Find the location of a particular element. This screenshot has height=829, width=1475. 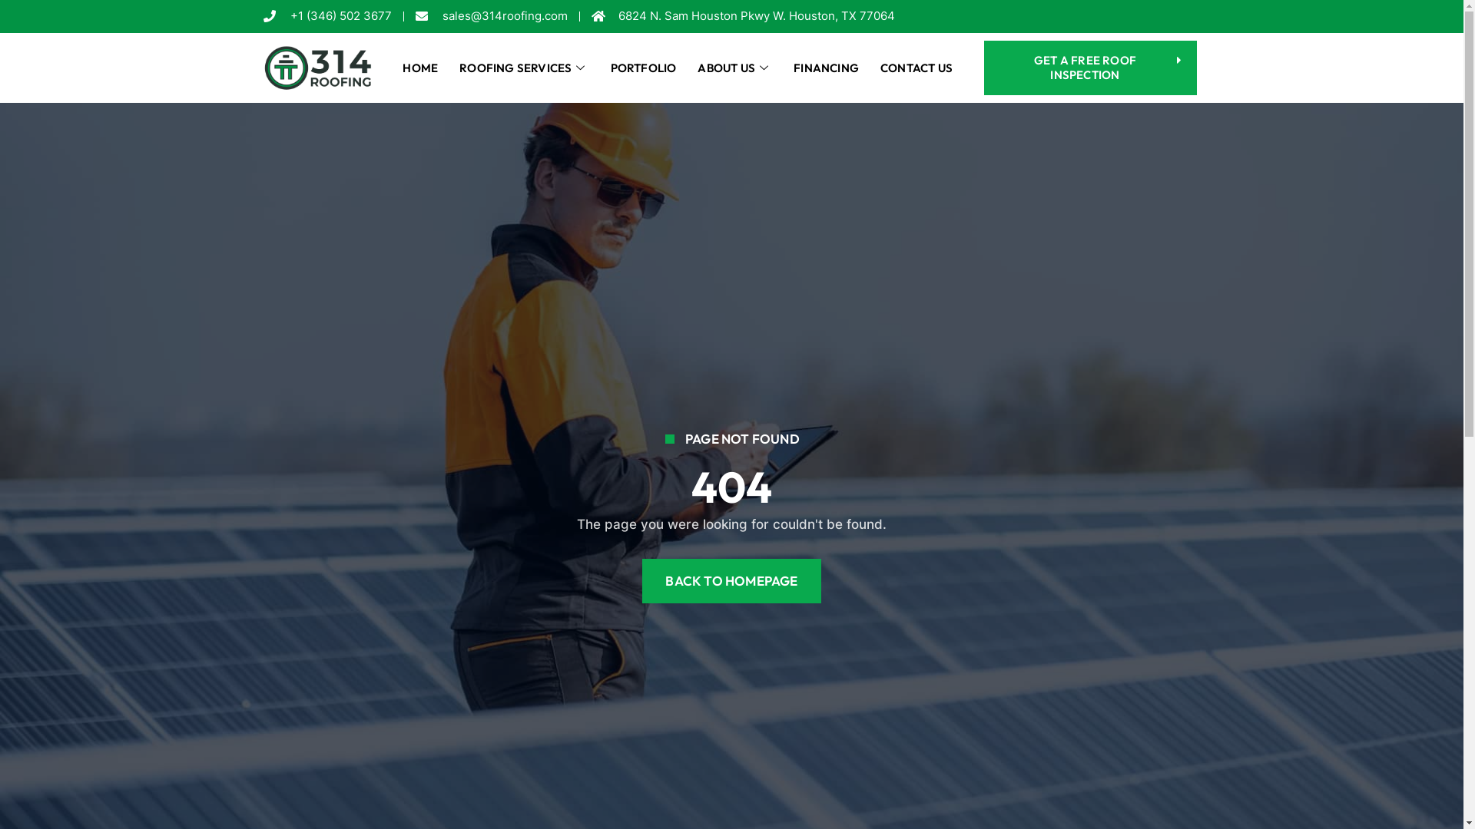

'6824 N. Sam Houston Pkwy W. Houston, TX 77064' is located at coordinates (743, 16).